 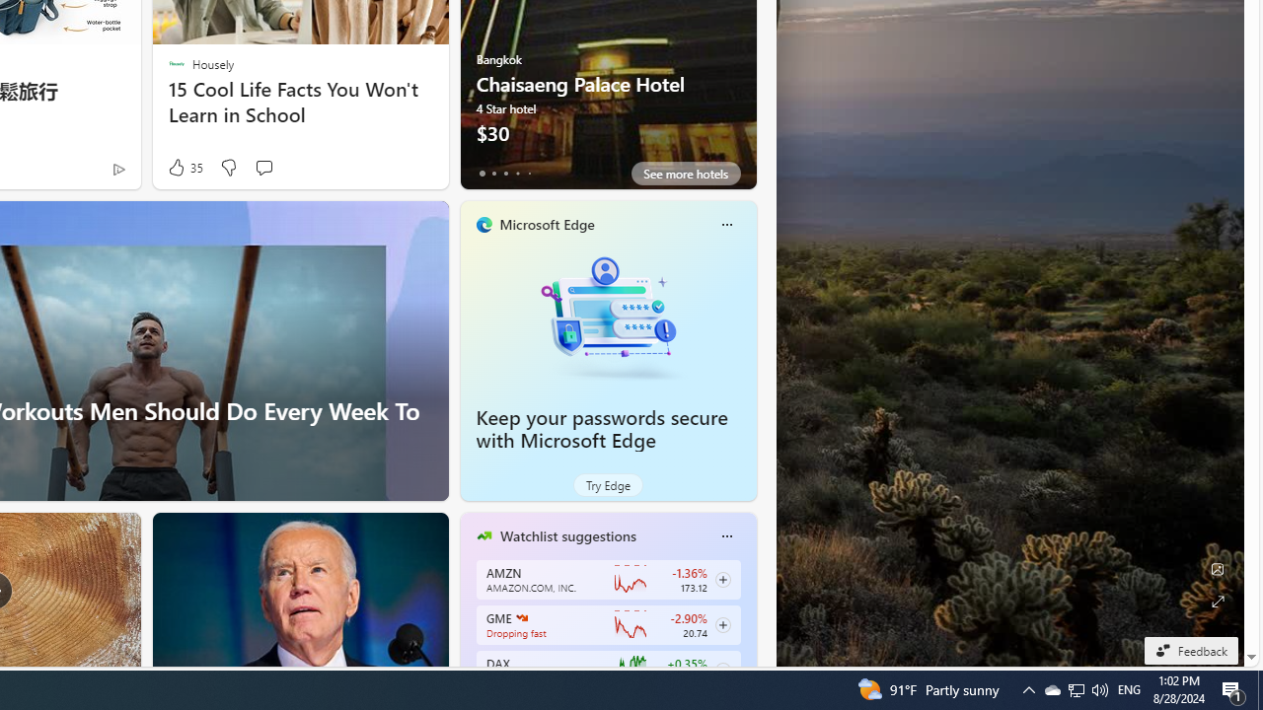 I want to click on 'Dislike', so click(x=228, y=167).